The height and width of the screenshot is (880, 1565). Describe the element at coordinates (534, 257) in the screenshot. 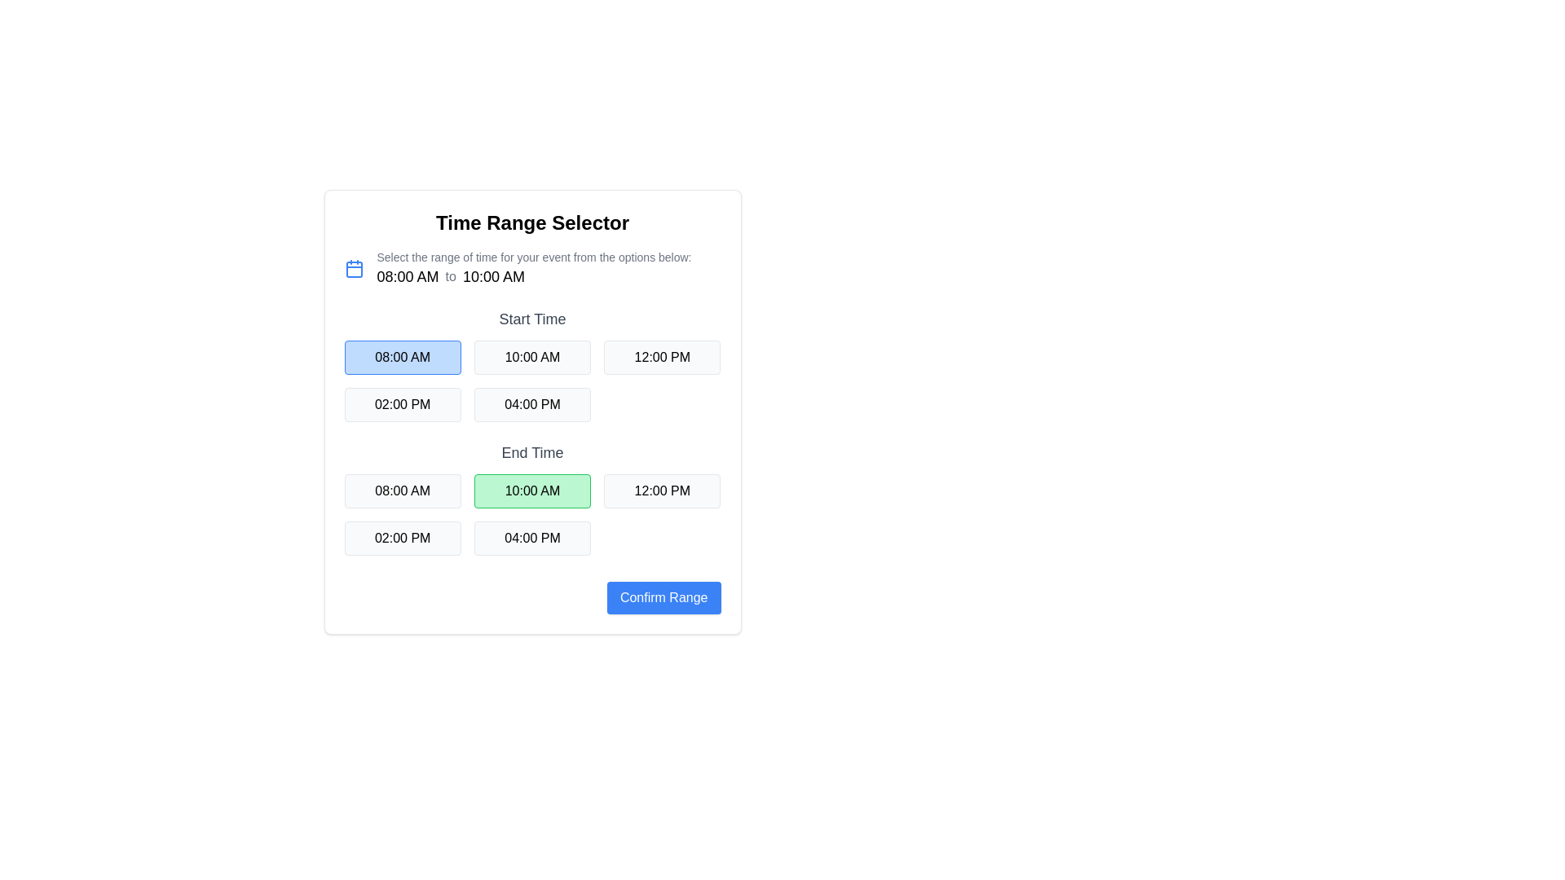

I see `the static text that reads 'Select the range of time for your event from the options below:', which is located below the header 'Time Range Selector' and above the time-selection fields` at that location.